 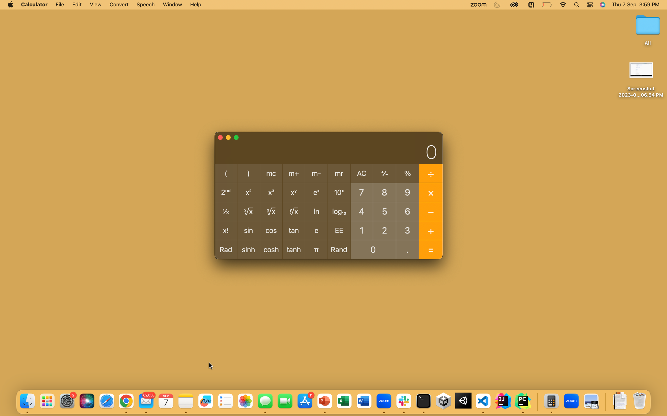 I want to click on Determine 1 divided by 5, so click(x=384, y=210).